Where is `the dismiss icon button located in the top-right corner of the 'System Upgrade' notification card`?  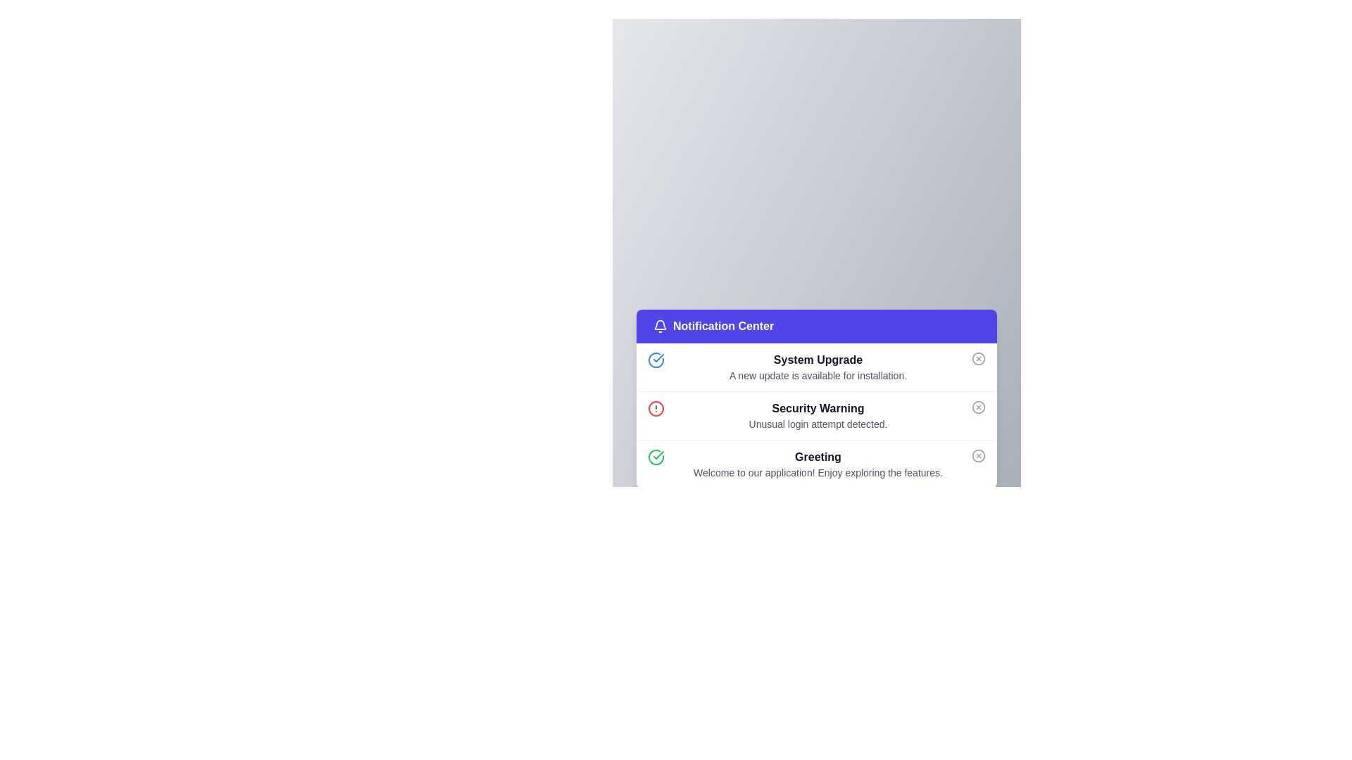 the dismiss icon button located in the top-right corner of the 'System Upgrade' notification card is located at coordinates (978, 357).